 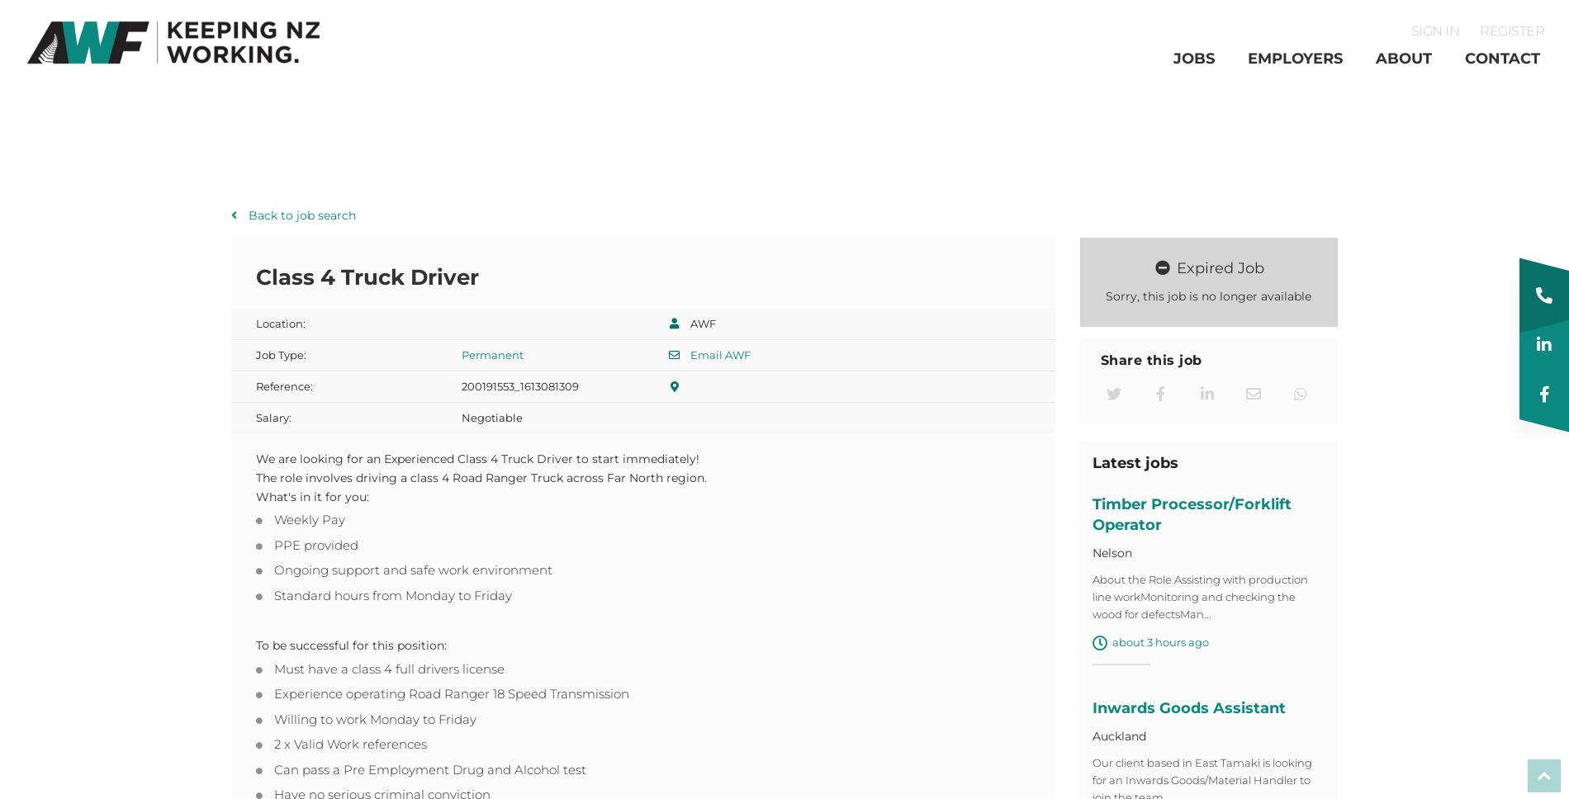 I want to click on 'Class 4 Truck Driver', so click(x=366, y=281).